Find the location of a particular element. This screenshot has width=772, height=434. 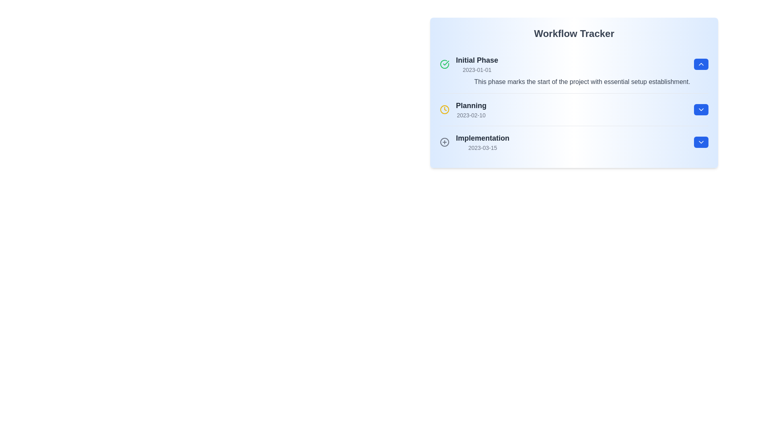

the chevron-up arrow icon located at the top-right corner of the 'Workflow Tracker' card, which indicates the possibility of collapsing or hiding additional details related to the 'Initial Phase' section is located at coordinates (700, 63).